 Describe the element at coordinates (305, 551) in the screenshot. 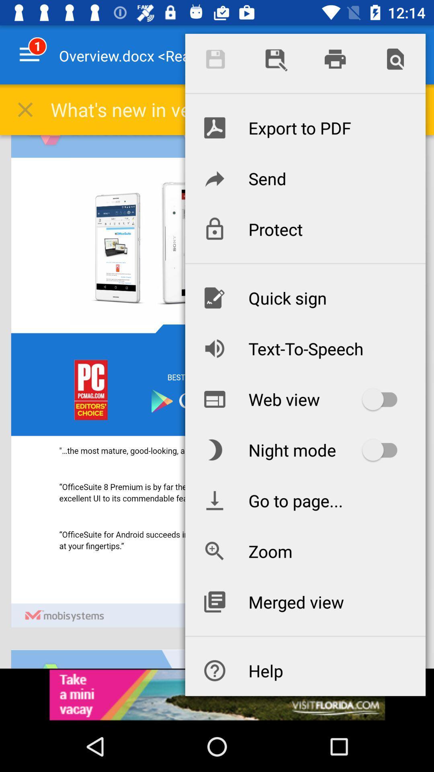

I see `item below the go to page... icon` at that location.